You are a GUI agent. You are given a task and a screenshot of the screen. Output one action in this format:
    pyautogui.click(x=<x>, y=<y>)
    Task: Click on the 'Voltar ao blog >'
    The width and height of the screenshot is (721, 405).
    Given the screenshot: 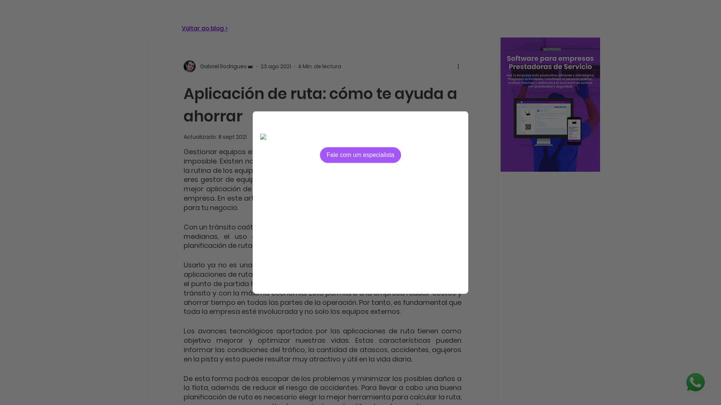 What is the action you would take?
    pyautogui.click(x=205, y=28)
    